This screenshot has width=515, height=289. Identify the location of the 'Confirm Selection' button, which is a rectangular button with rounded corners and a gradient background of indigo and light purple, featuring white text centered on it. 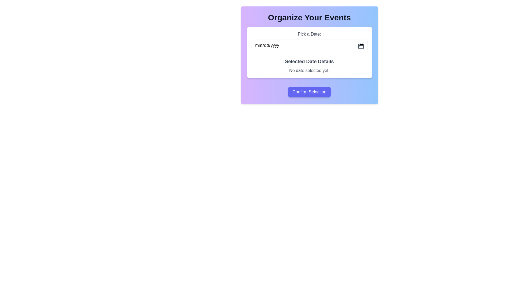
(309, 92).